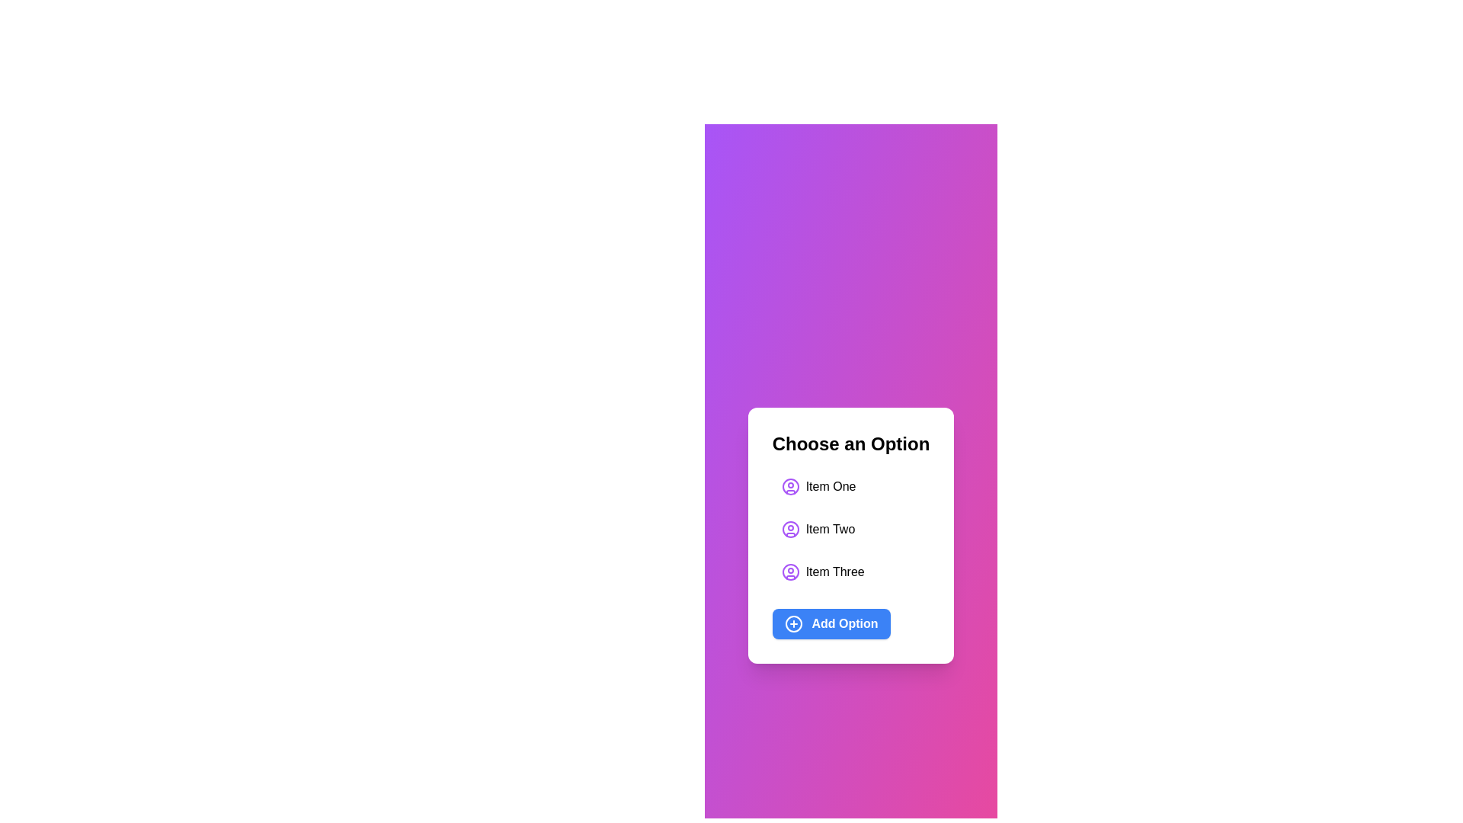  Describe the element at coordinates (822, 572) in the screenshot. I see `the list item Item Three to select it` at that location.